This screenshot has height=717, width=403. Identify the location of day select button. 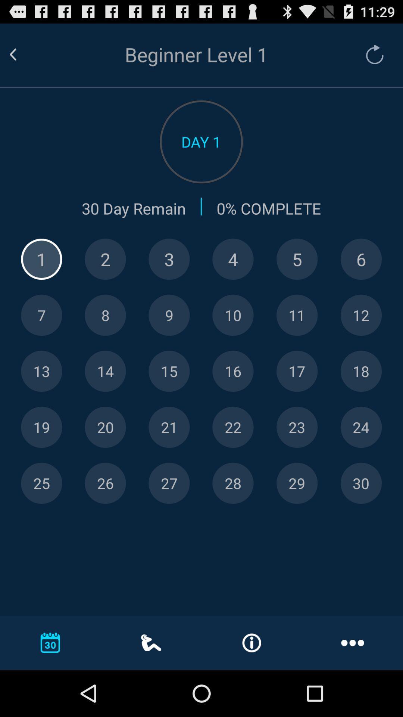
(169, 427).